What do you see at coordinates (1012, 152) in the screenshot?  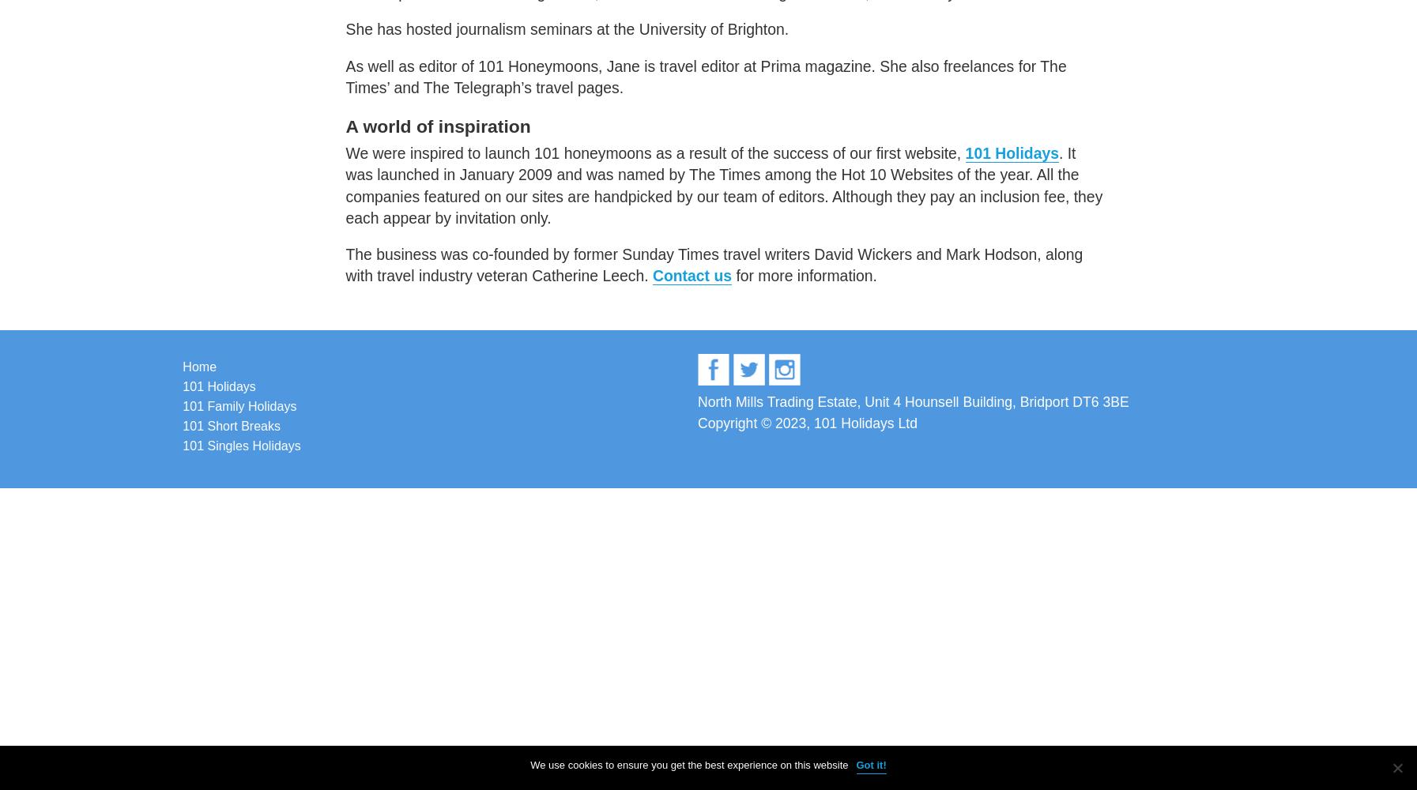 I see `'101 Holidays'` at bounding box center [1012, 152].